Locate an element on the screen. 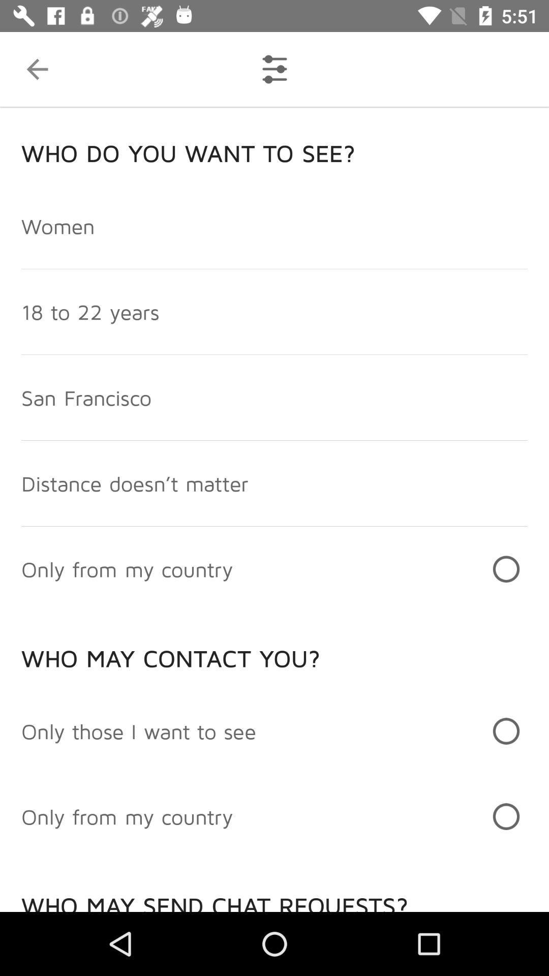  san francisco item is located at coordinates (86, 396).